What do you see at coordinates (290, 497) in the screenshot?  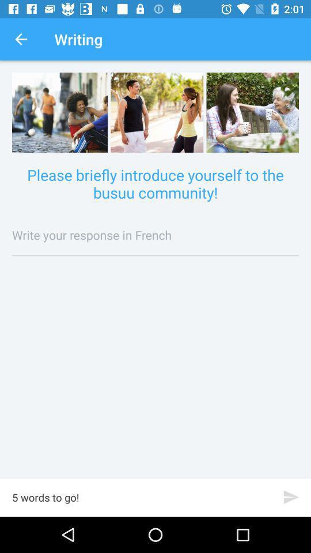 I see `the item to the right of 5 words to` at bounding box center [290, 497].